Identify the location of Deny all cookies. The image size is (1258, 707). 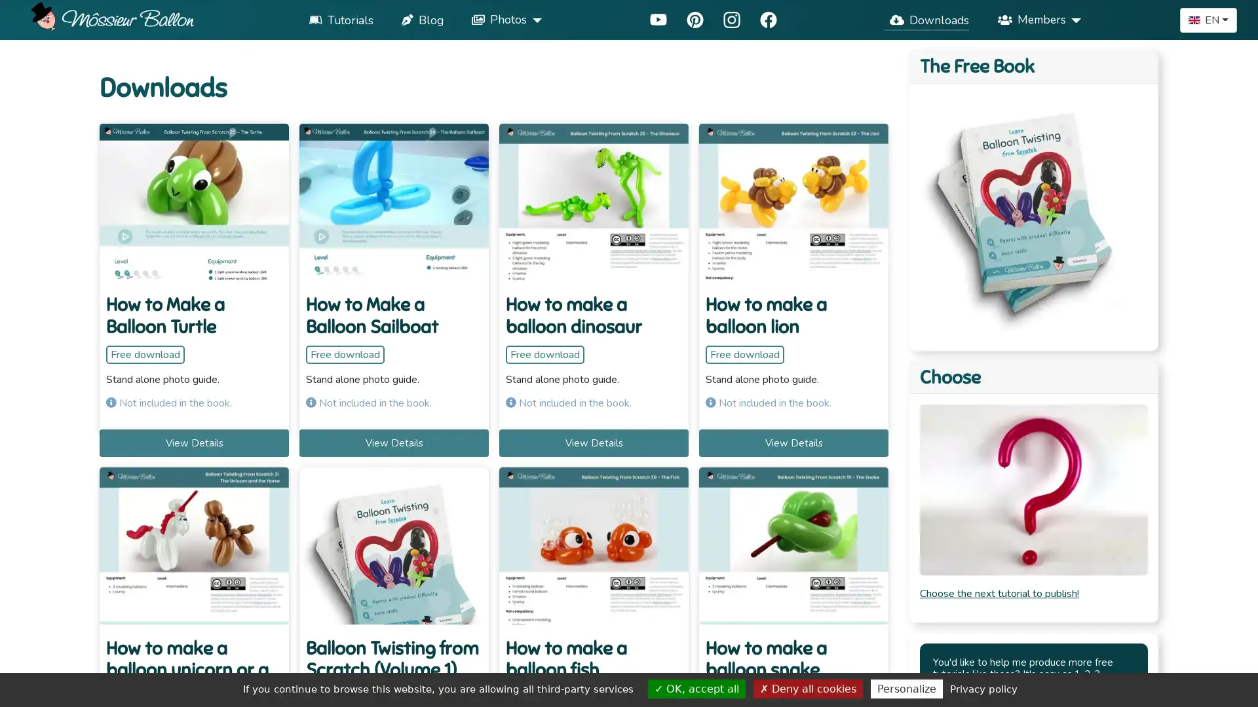
(807, 688).